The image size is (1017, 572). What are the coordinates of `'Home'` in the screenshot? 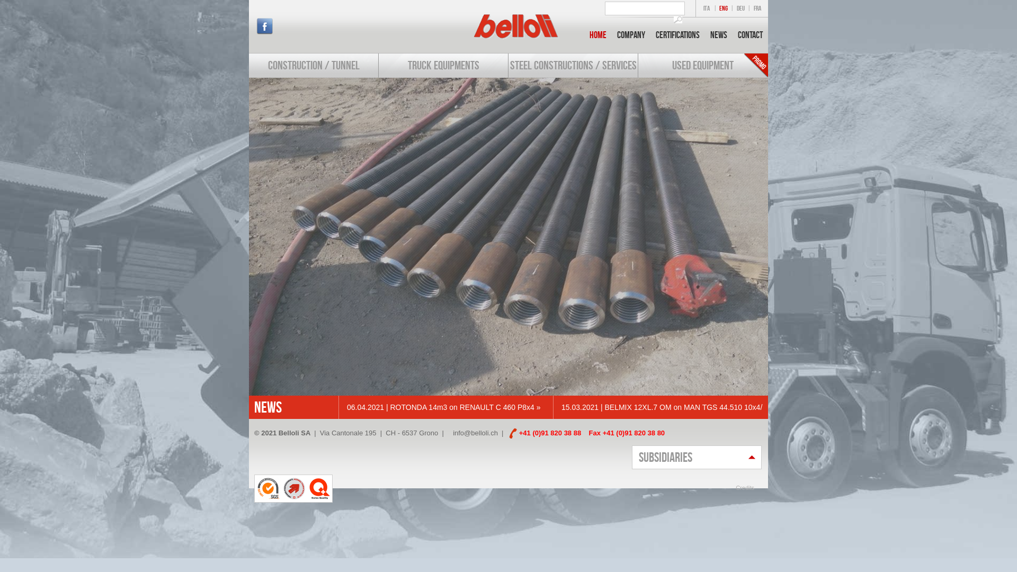 It's located at (589, 34).